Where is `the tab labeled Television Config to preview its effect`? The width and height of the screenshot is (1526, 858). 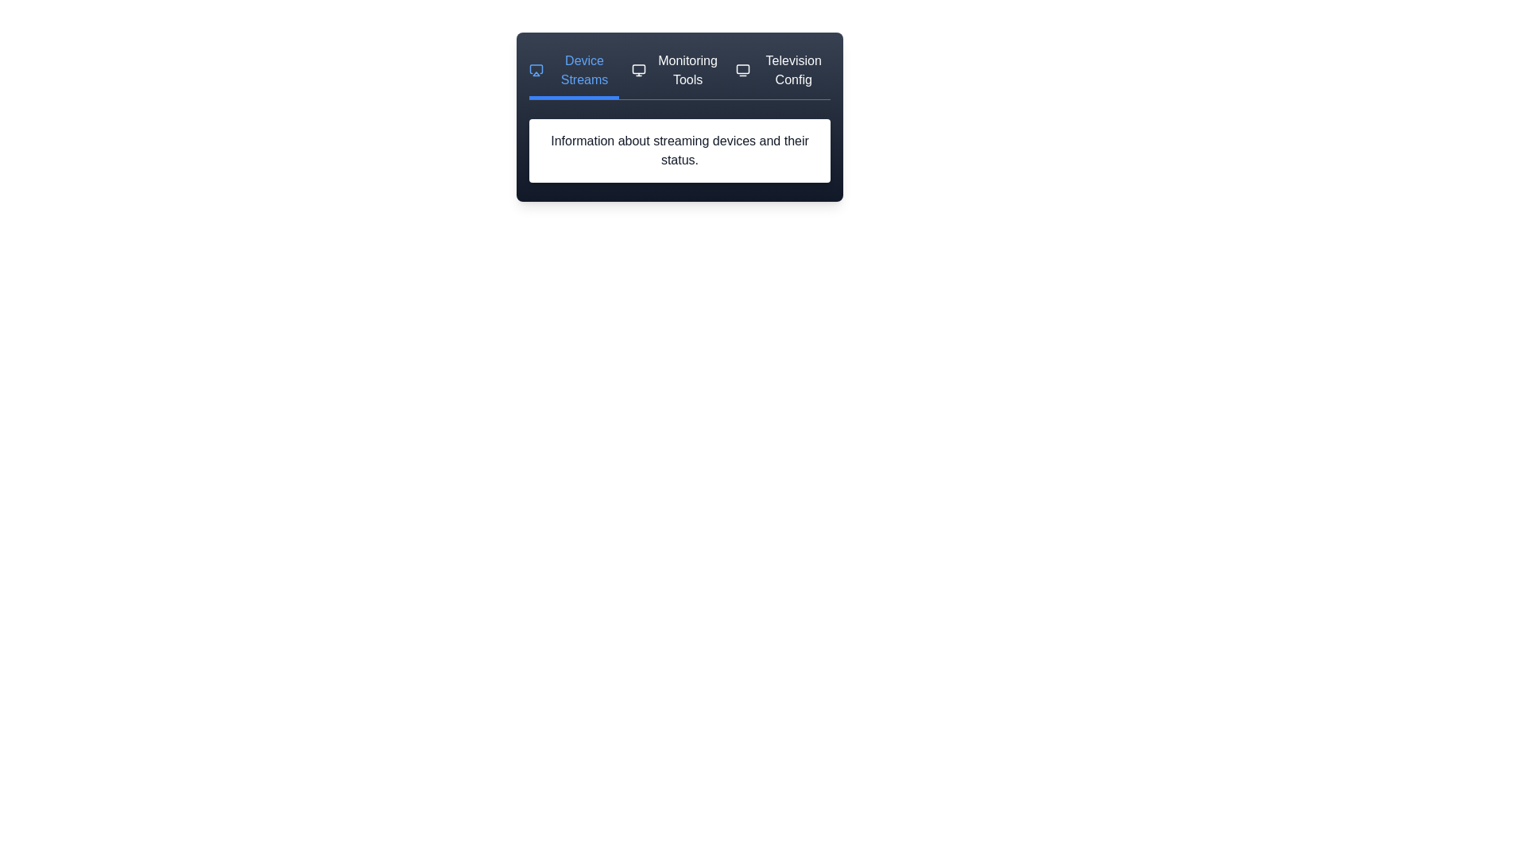
the tab labeled Television Config to preview its effect is located at coordinates (782, 75).